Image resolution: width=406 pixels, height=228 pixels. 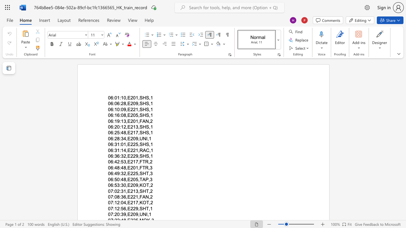 What do you see at coordinates (139, 121) in the screenshot?
I see `the subset text "FAN," within the text "06:19:13,E201,FAN,2"` at bounding box center [139, 121].